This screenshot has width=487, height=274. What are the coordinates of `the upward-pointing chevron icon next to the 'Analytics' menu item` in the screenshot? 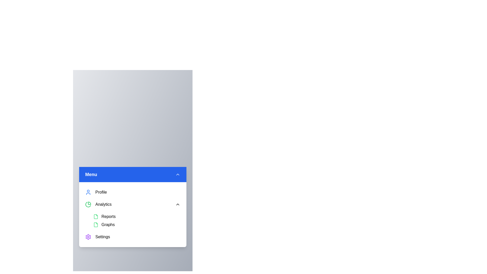 It's located at (178, 204).